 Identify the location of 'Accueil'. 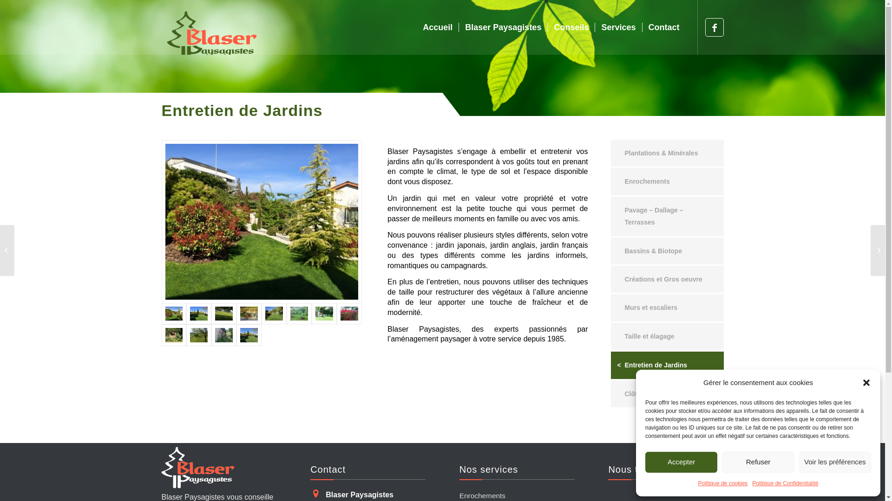
(437, 26).